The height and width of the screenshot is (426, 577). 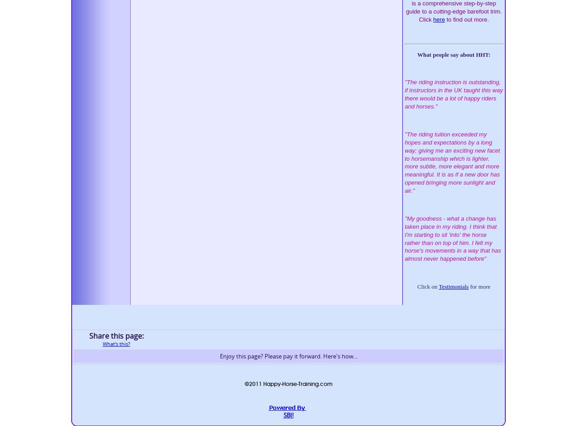 What do you see at coordinates (288, 414) in the screenshot?
I see `'SBI!'` at bounding box center [288, 414].